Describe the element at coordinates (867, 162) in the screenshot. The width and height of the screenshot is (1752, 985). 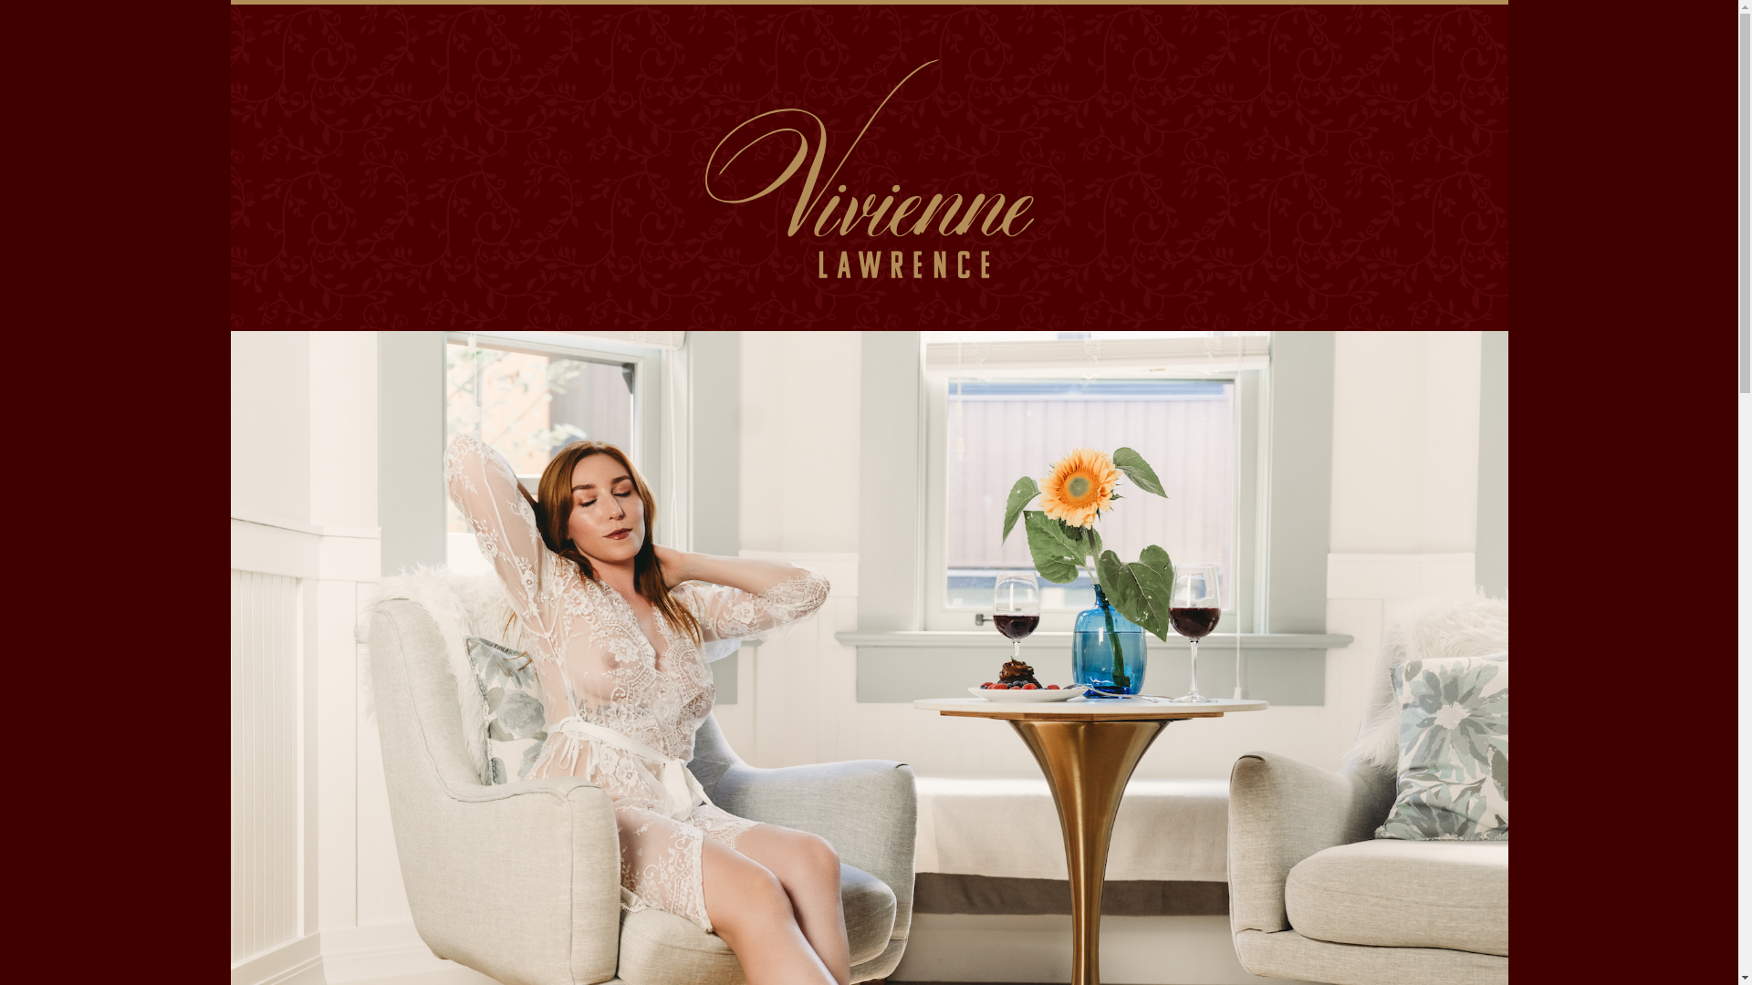
I see `'Vivienne Lawrence'` at that location.